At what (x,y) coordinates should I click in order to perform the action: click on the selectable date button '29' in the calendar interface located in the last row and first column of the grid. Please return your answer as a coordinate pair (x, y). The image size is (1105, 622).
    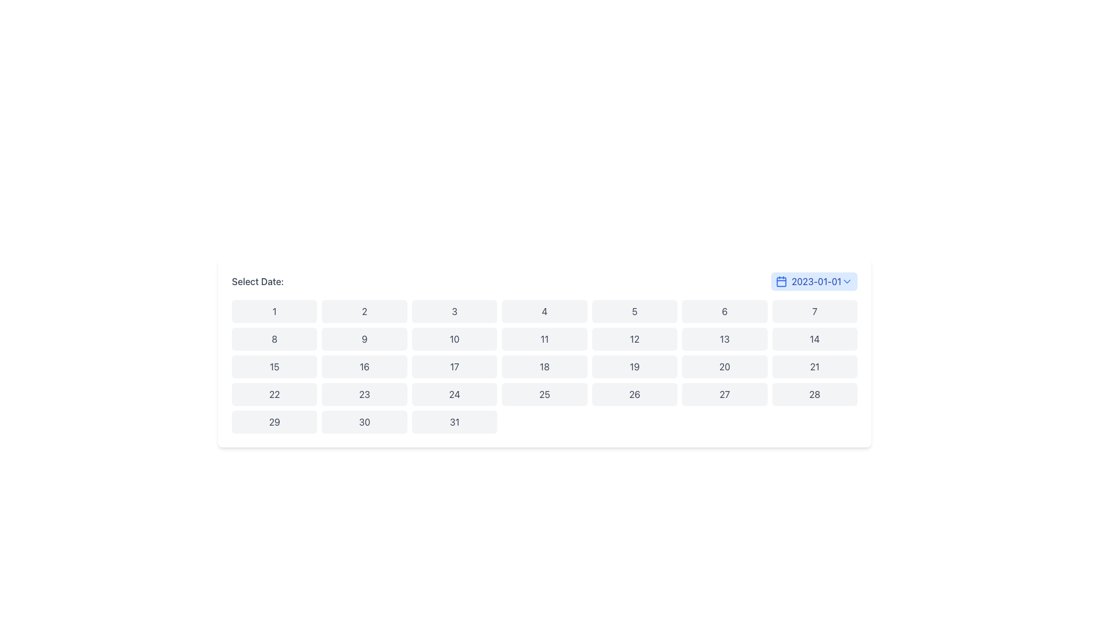
    Looking at the image, I should click on (274, 422).